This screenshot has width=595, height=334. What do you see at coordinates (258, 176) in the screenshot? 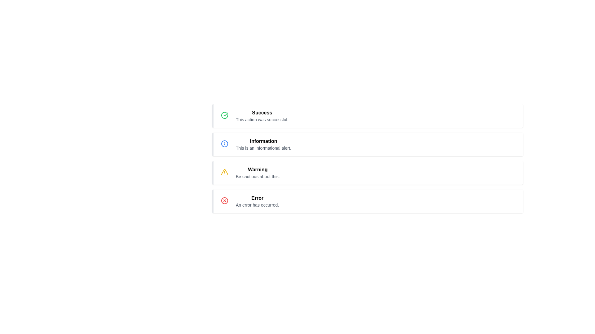
I see `the textual warning message that reads 'Be cautious about this.' which is styled as smaller gray text and is located below the bold 'Warning' label in the third item of a vertical list of notifications` at bounding box center [258, 176].